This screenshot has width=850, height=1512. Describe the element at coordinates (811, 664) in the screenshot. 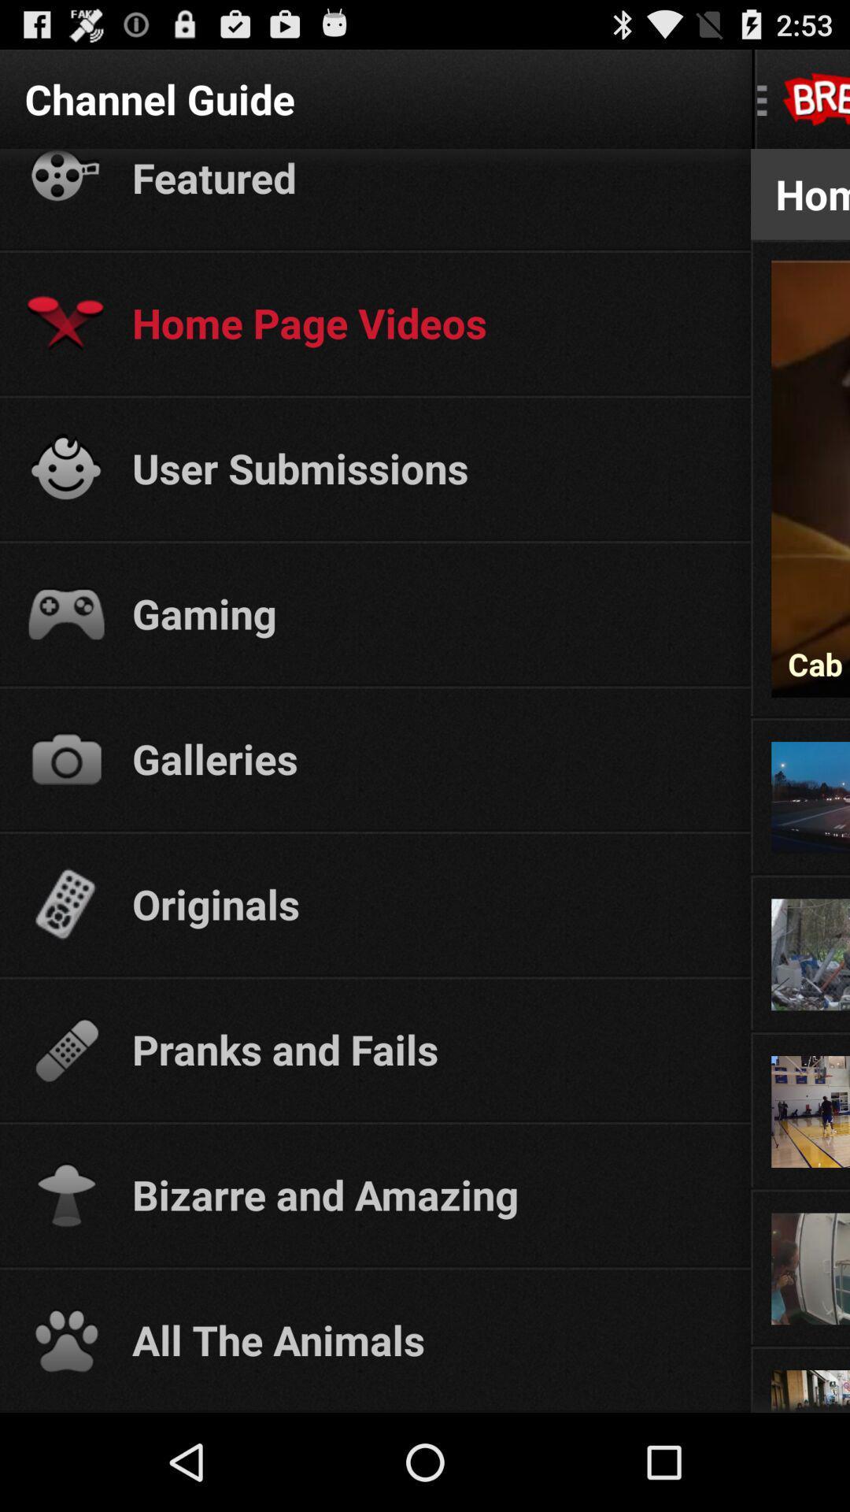

I see `cab driver claims` at that location.